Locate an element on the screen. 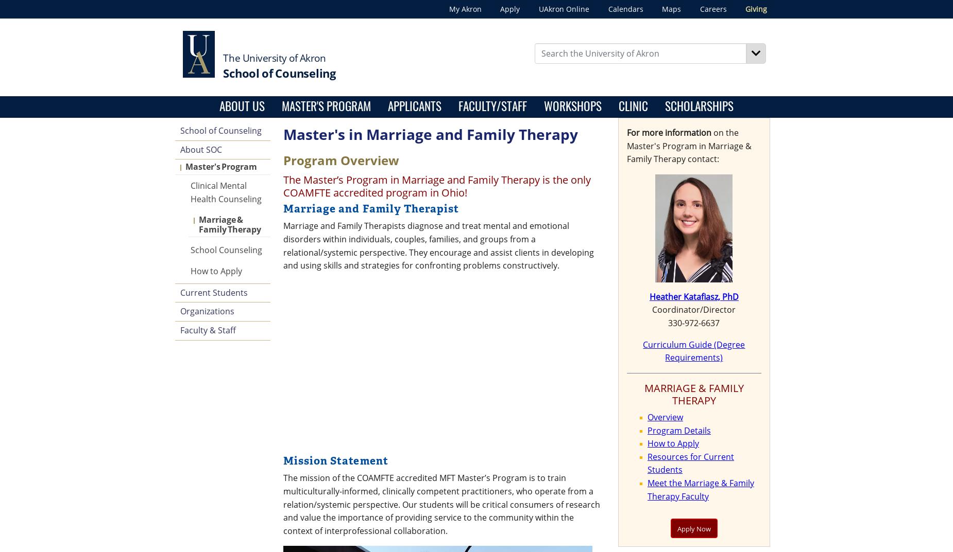  'For the didactic portion of the program, there are three fully online classes. The remaining didactic classes are offered as hybrid, with the courses ranging from 30-70% in person and the remaining online content offered through The University of Akron learning management system, Brightspace. The online content is delivered as narrated lectures, pptx, readings, supplementary materials, and activities, such as discussion boards, quizzes, and reflection papers. The decision to offer courses either online, hybrid, or in person was based on the specific content of the courses and the best teaching practices associated with that content.' is located at coordinates (451, 226).